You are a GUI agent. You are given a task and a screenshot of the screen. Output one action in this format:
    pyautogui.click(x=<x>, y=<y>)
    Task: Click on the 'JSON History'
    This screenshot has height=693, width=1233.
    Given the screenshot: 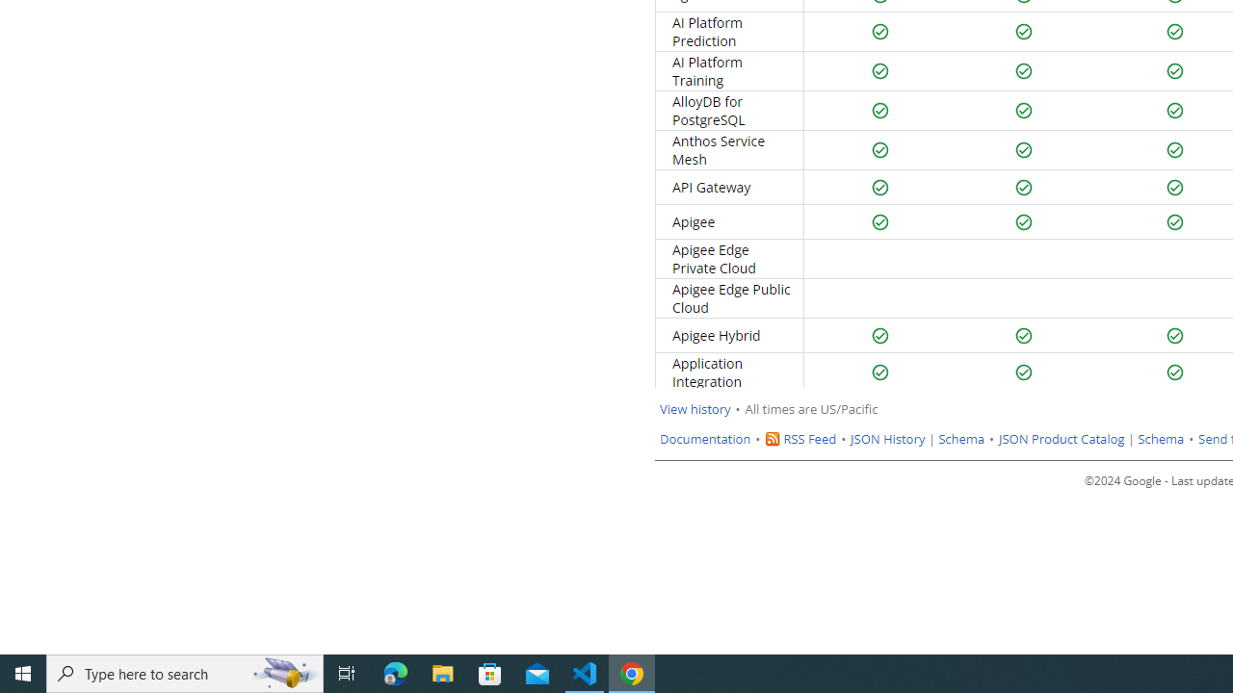 What is the action you would take?
    pyautogui.click(x=887, y=439)
    